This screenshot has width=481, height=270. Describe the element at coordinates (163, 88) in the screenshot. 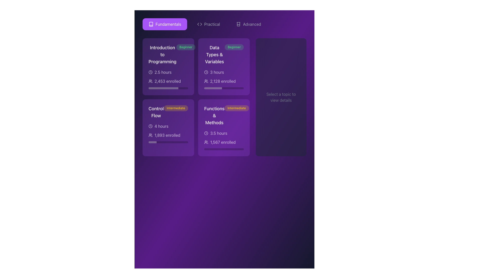

I see `the filled portion of the progress bar segment located in the first card titled 'Introduction to Programming', positioned just below the '2,453 enrolled' text` at that location.